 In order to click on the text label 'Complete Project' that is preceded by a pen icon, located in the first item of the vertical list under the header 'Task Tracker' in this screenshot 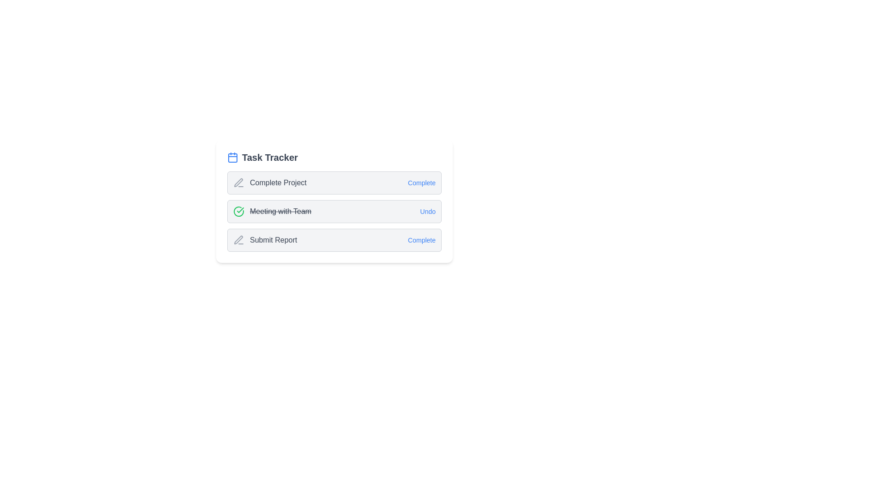, I will do `click(269, 183)`.